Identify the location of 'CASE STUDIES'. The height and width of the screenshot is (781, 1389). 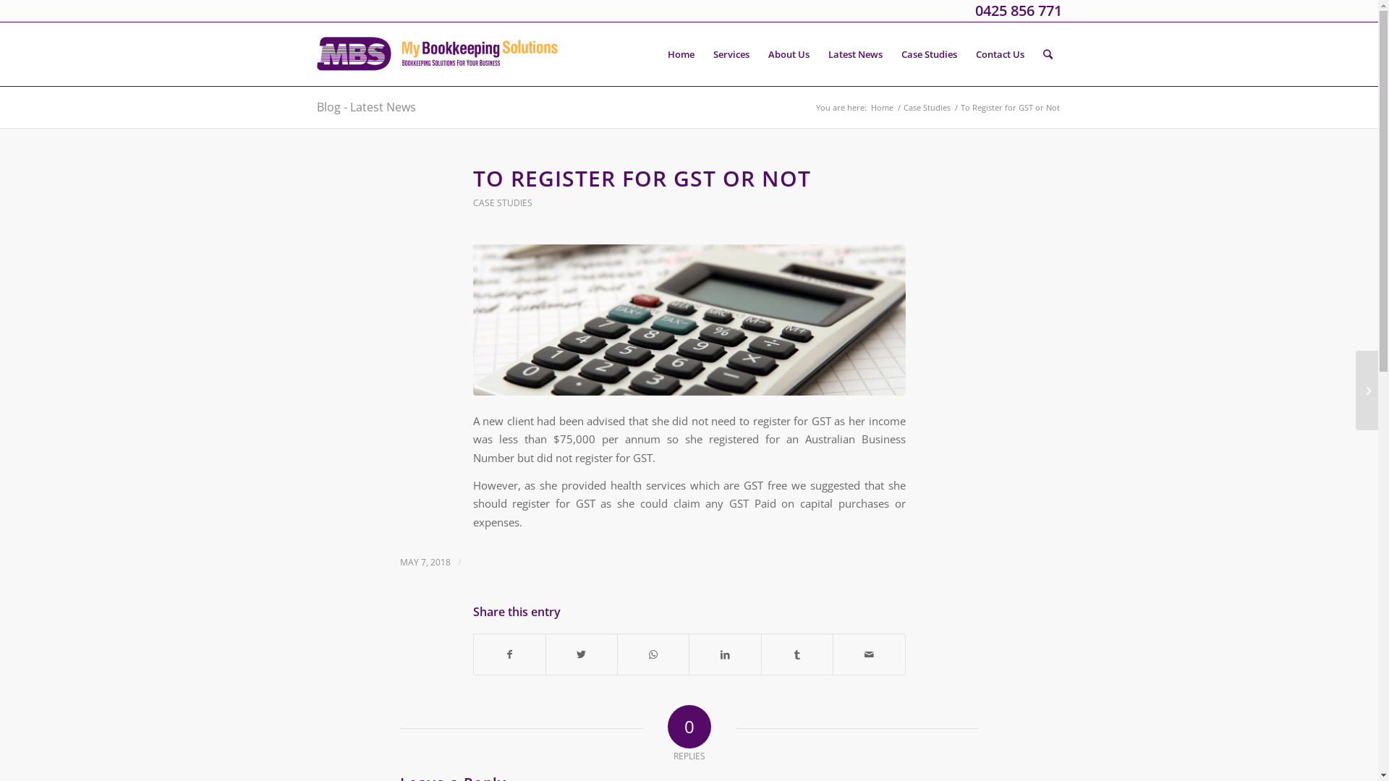
(503, 202).